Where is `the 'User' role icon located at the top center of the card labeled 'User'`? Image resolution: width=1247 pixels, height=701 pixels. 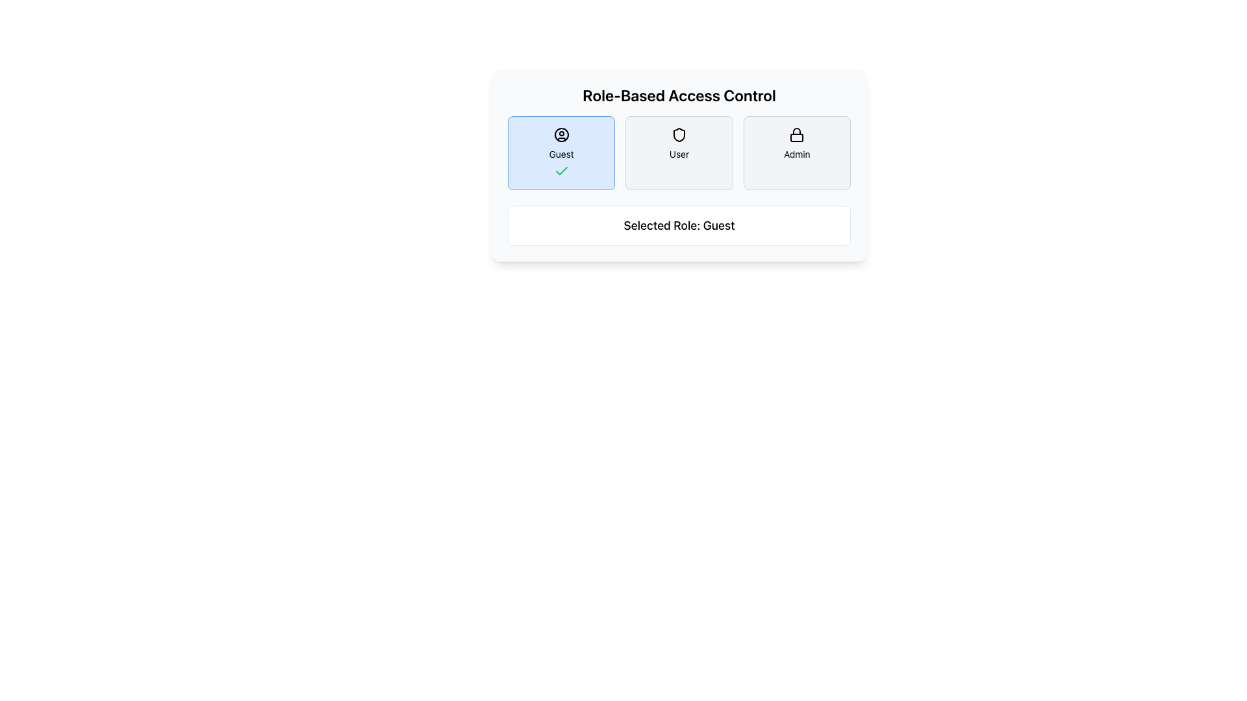
the 'User' role icon located at the top center of the card labeled 'User' is located at coordinates (679, 135).